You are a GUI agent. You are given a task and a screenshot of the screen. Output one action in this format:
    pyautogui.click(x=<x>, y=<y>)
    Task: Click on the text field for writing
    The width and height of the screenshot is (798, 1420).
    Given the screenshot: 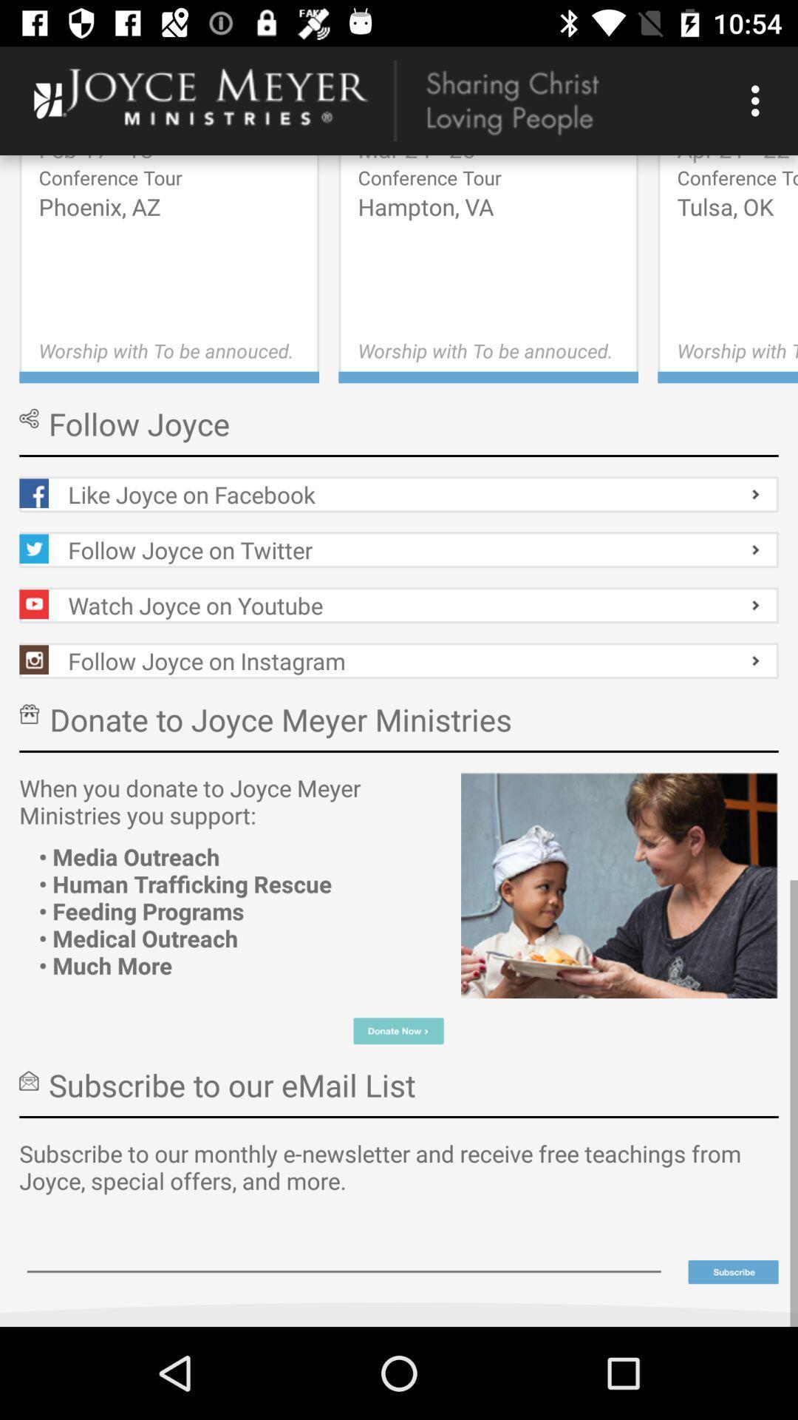 What is the action you would take?
    pyautogui.click(x=344, y=1251)
    